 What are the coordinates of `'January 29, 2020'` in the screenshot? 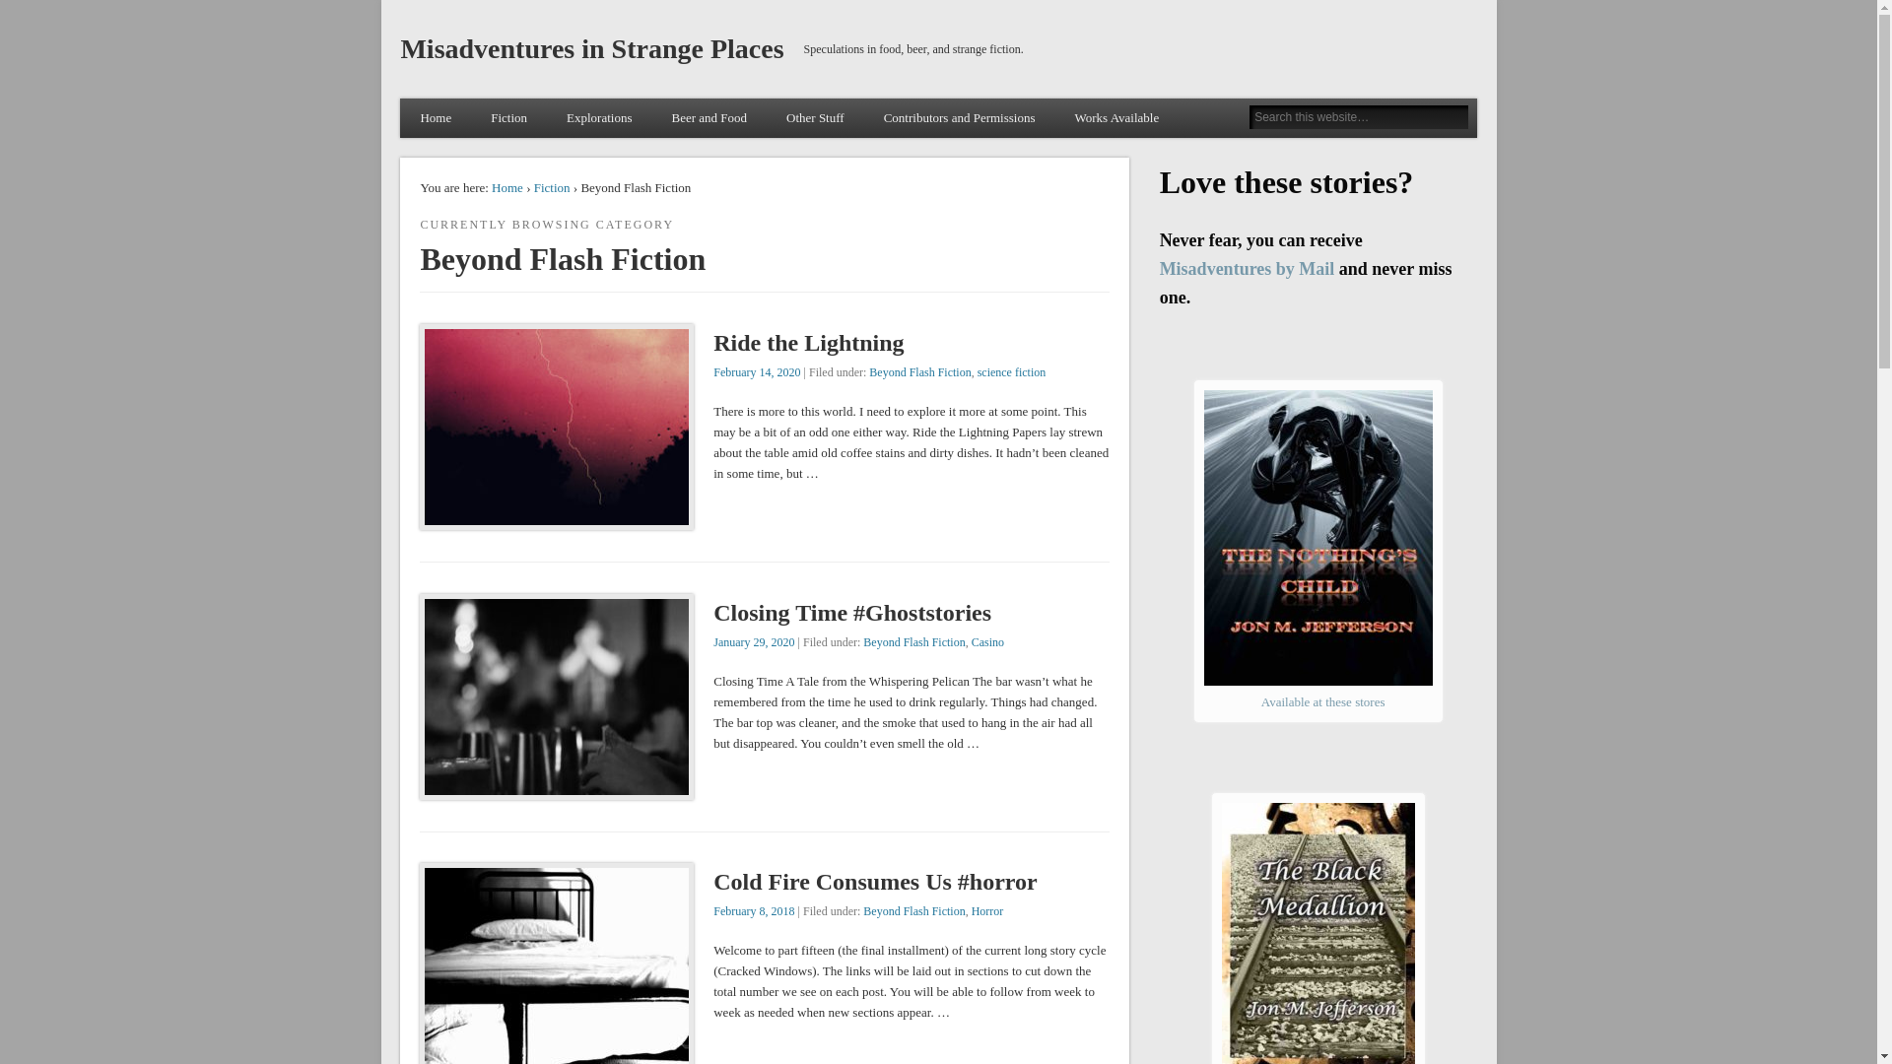 It's located at (752, 641).